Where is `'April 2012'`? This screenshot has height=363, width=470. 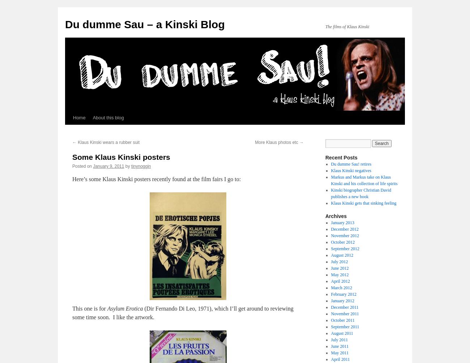 'April 2012' is located at coordinates (330, 281).